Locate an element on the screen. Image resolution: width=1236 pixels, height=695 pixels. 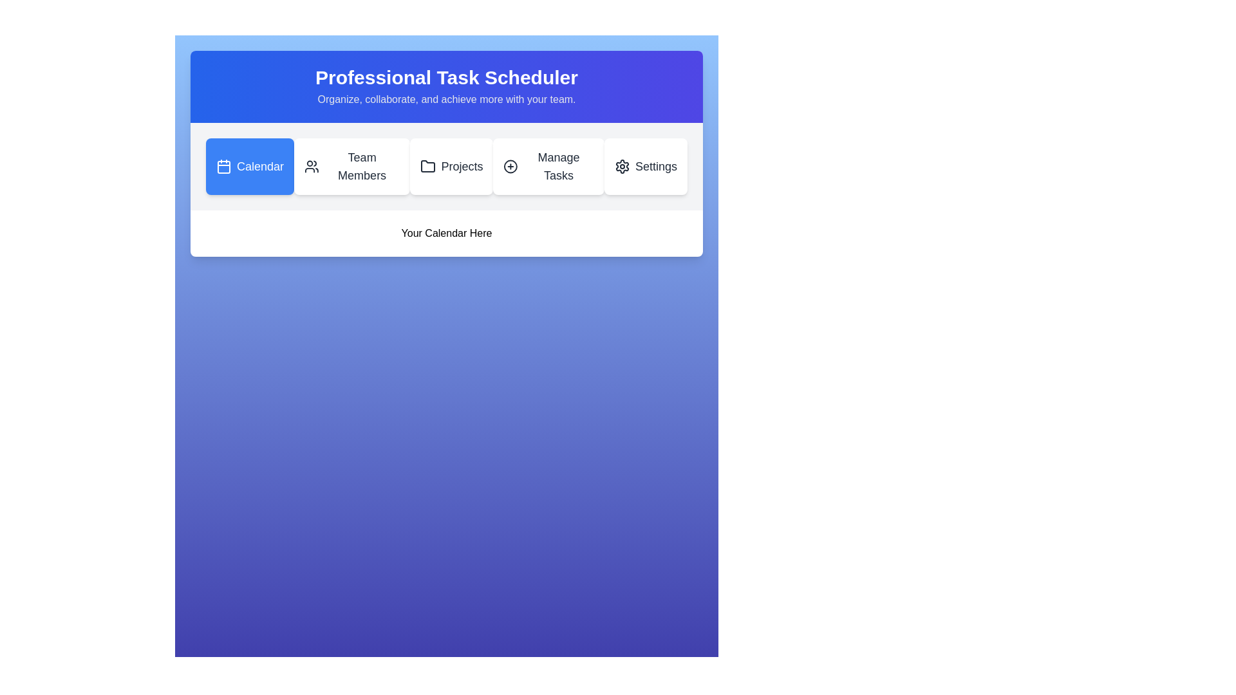
descriptive subtitle located below the bold heading 'Professional Task Scheduler', within the gradient background section is located at coordinates (447, 98).